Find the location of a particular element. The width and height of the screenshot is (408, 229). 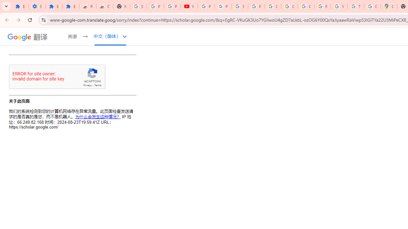

'Reviews: Helix Fruit Jump Arcade Game' is located at coordinates (87, 6).